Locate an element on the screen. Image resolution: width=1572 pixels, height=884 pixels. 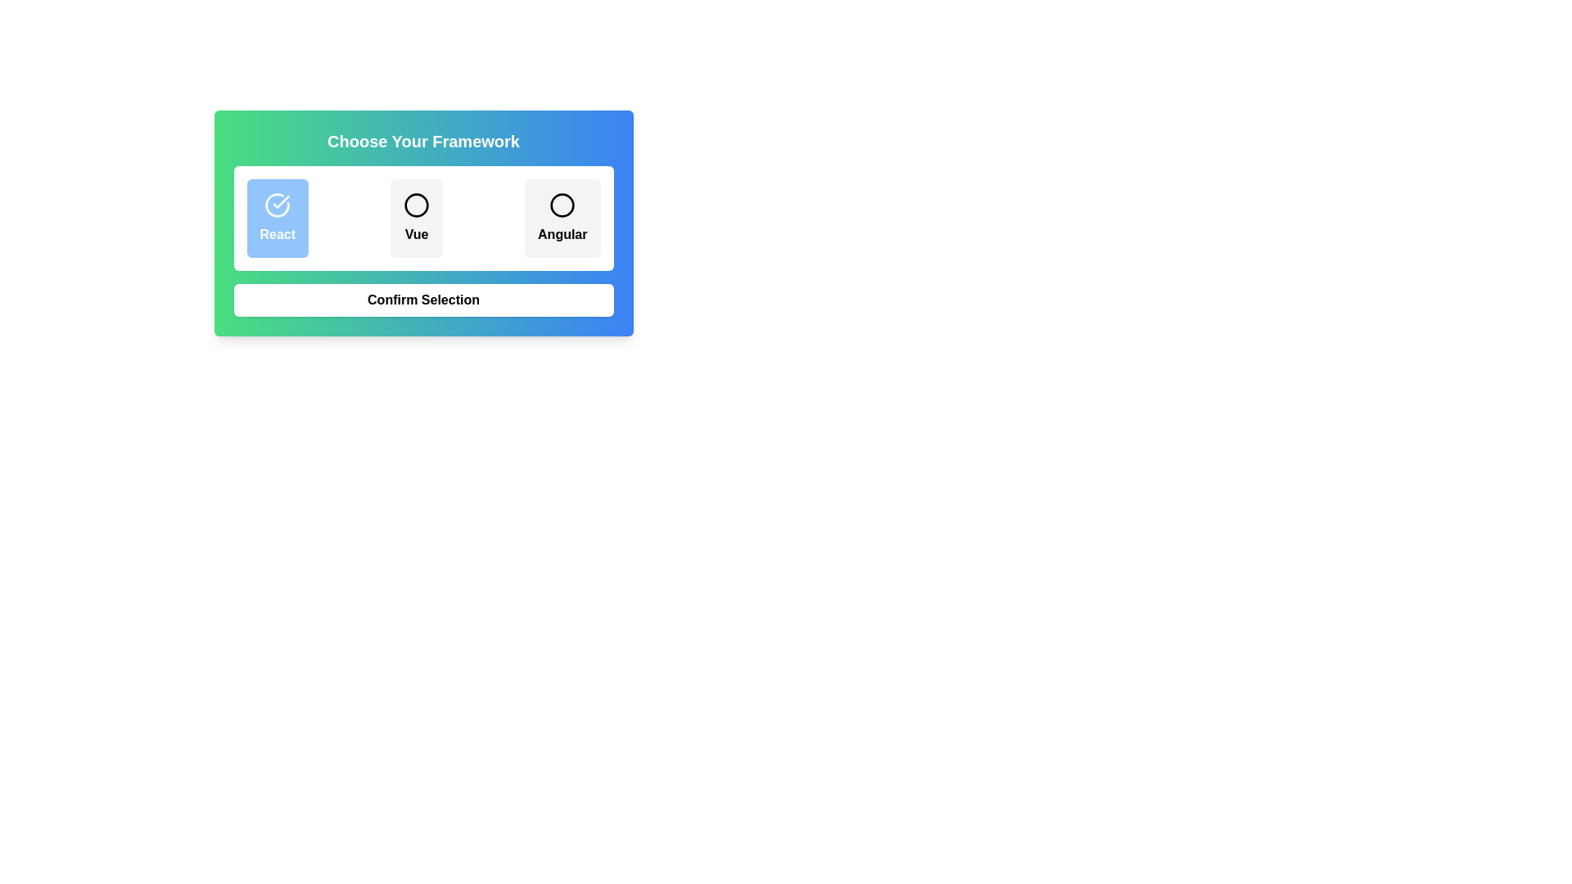
the button in the center of the list is located at coordinates (416, 217).